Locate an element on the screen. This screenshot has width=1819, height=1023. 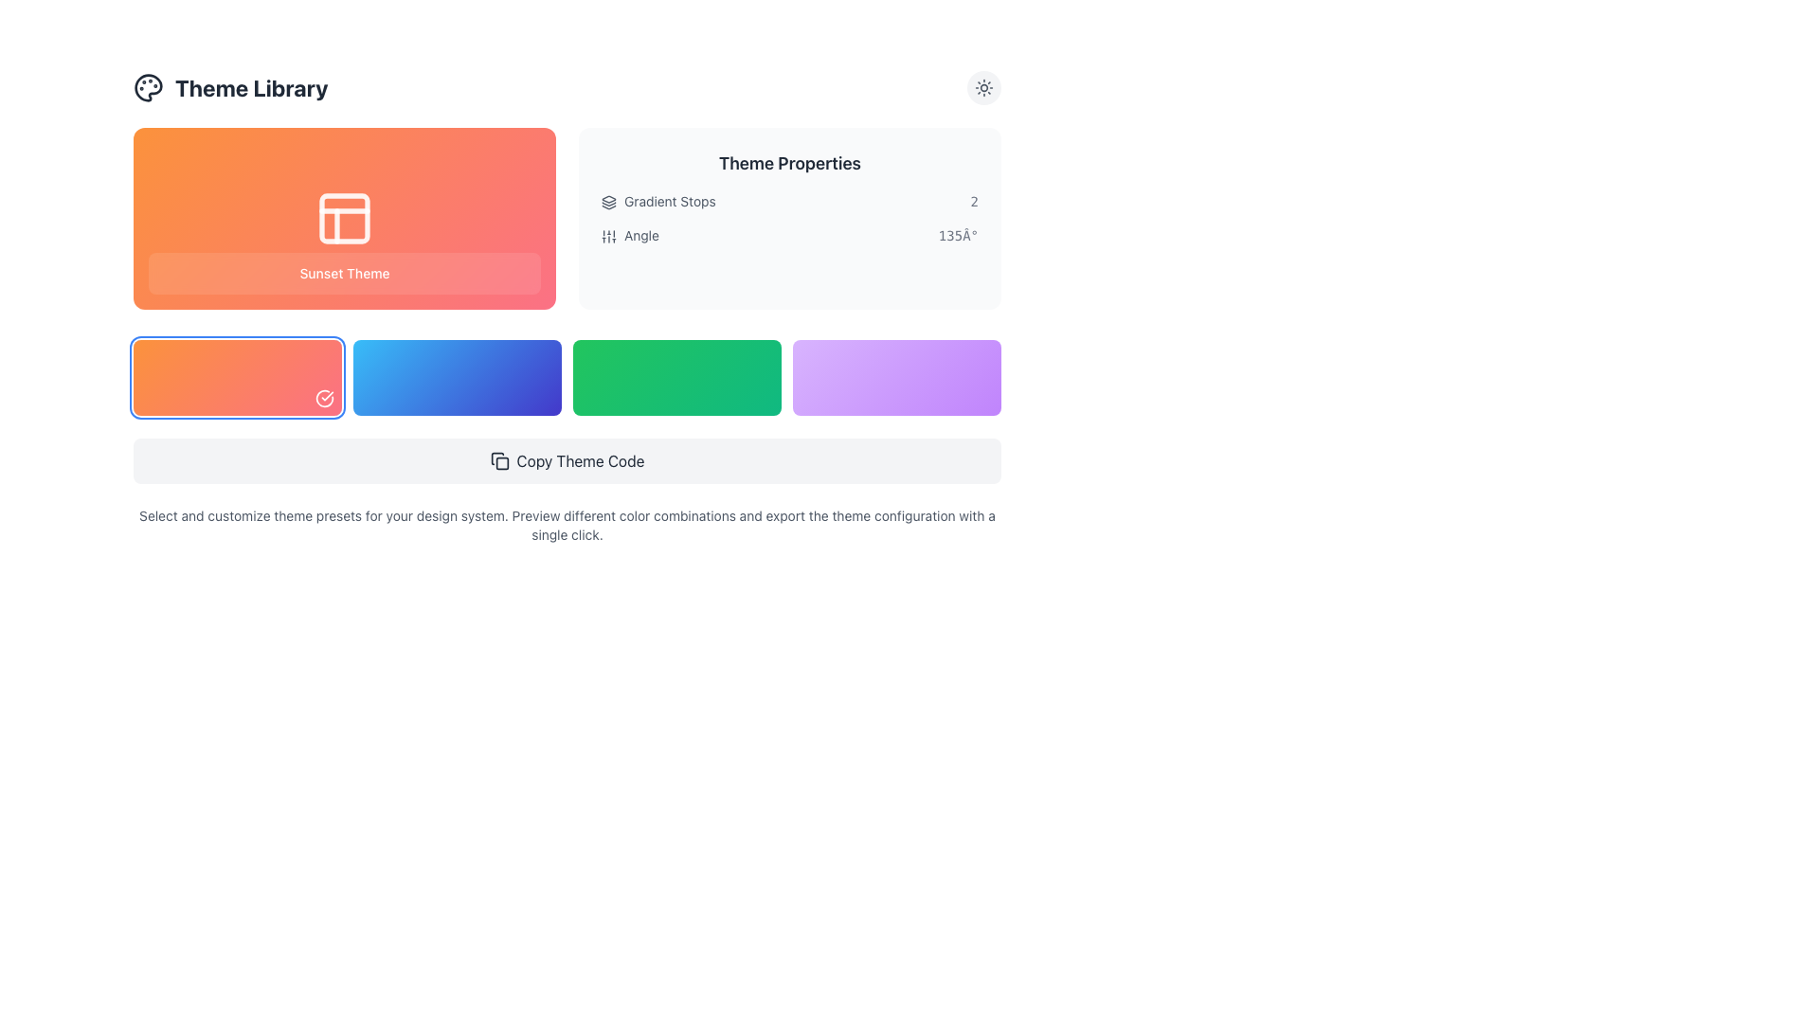
instructional text located directly below the 'Copy Theme Code' button, which guides users on selecting and customizing theme presets, previewing color combinations, and exporting configuration settings is located at coordinates (567, 526).